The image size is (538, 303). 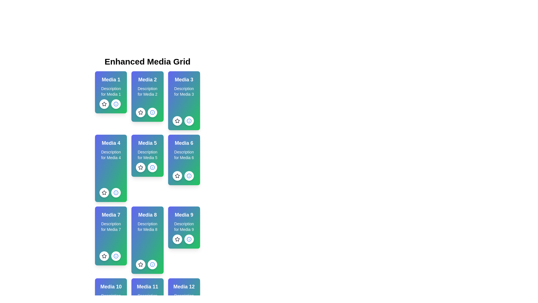 I want to click on the star icon in the lower-left corner of the 'Media 8' card, so click(x=141, y=264).